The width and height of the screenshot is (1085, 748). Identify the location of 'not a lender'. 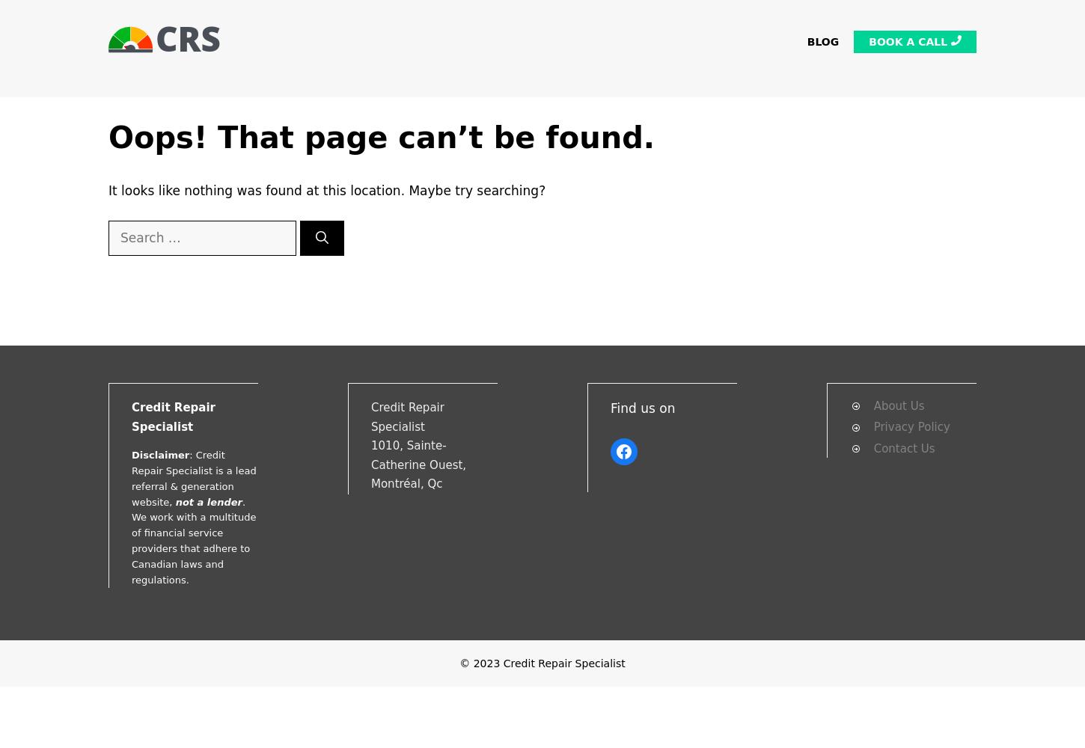
(174, 501).